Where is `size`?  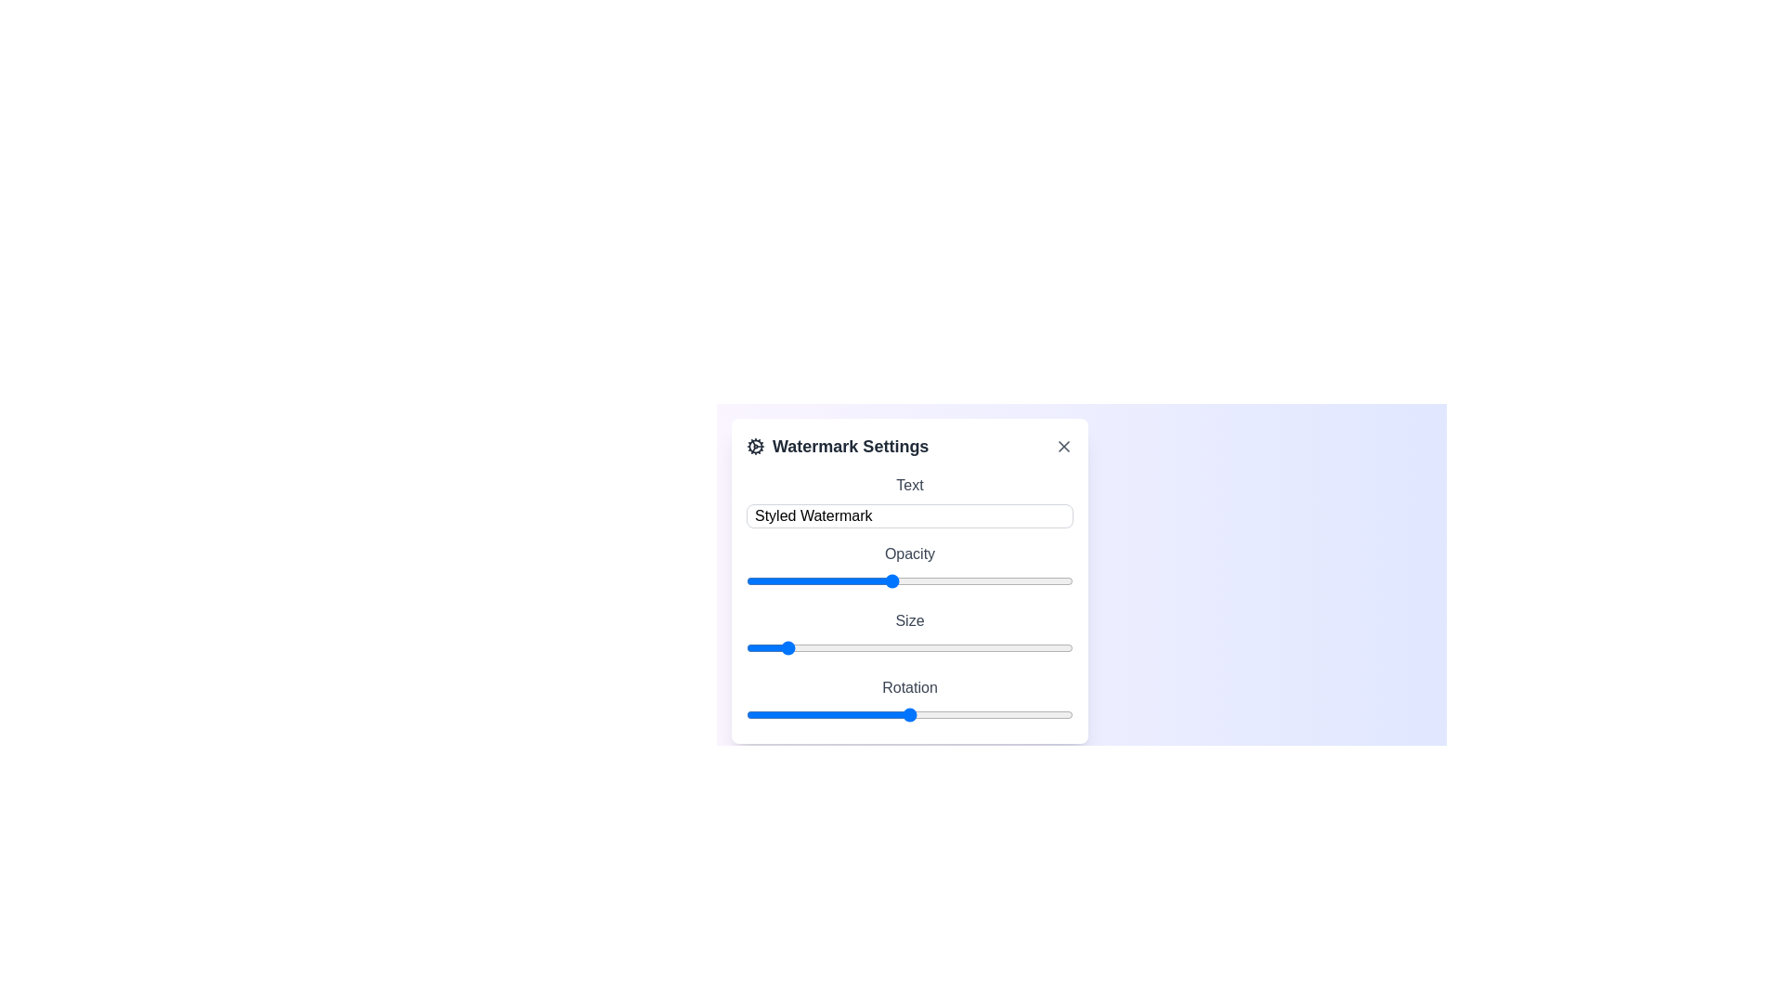 size is located at coordinates (818, 647).